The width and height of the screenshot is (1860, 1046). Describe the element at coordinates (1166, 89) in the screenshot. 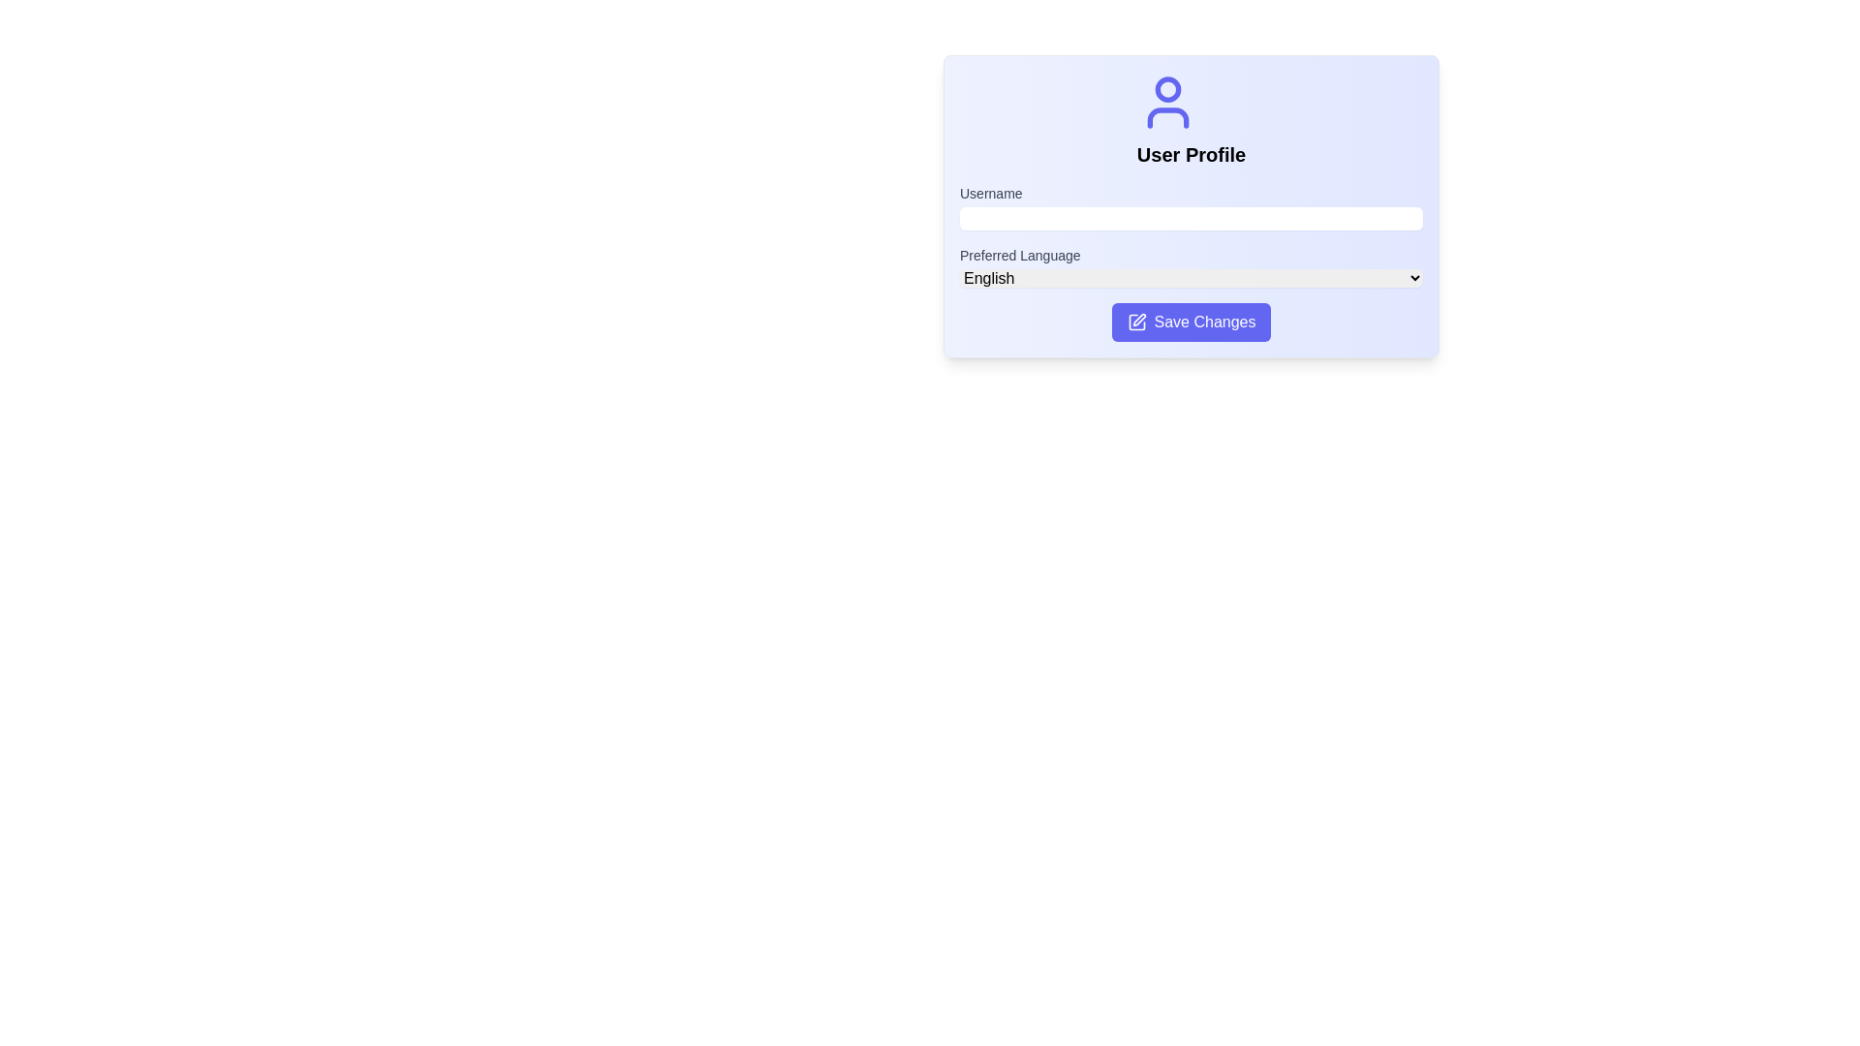

I see `the circular graphic element that represents the user profile icon at the top of the card display labeled 'User Profile'` at that location.